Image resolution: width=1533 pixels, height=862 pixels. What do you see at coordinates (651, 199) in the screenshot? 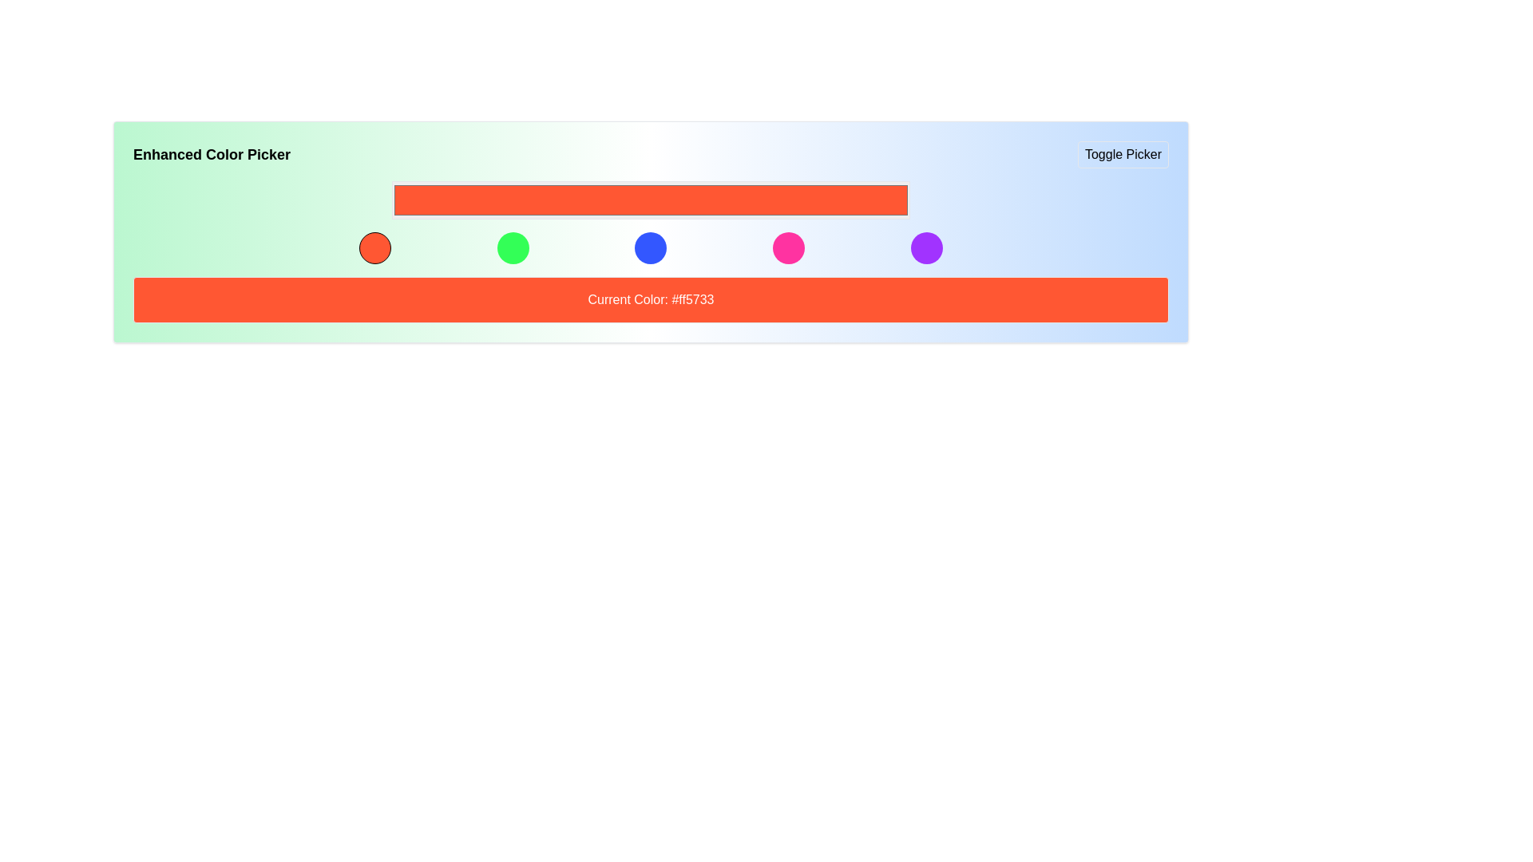
I see `the Color Picker Input, currently displaying the color '#ff5733'` at bounding box center [651, 199].